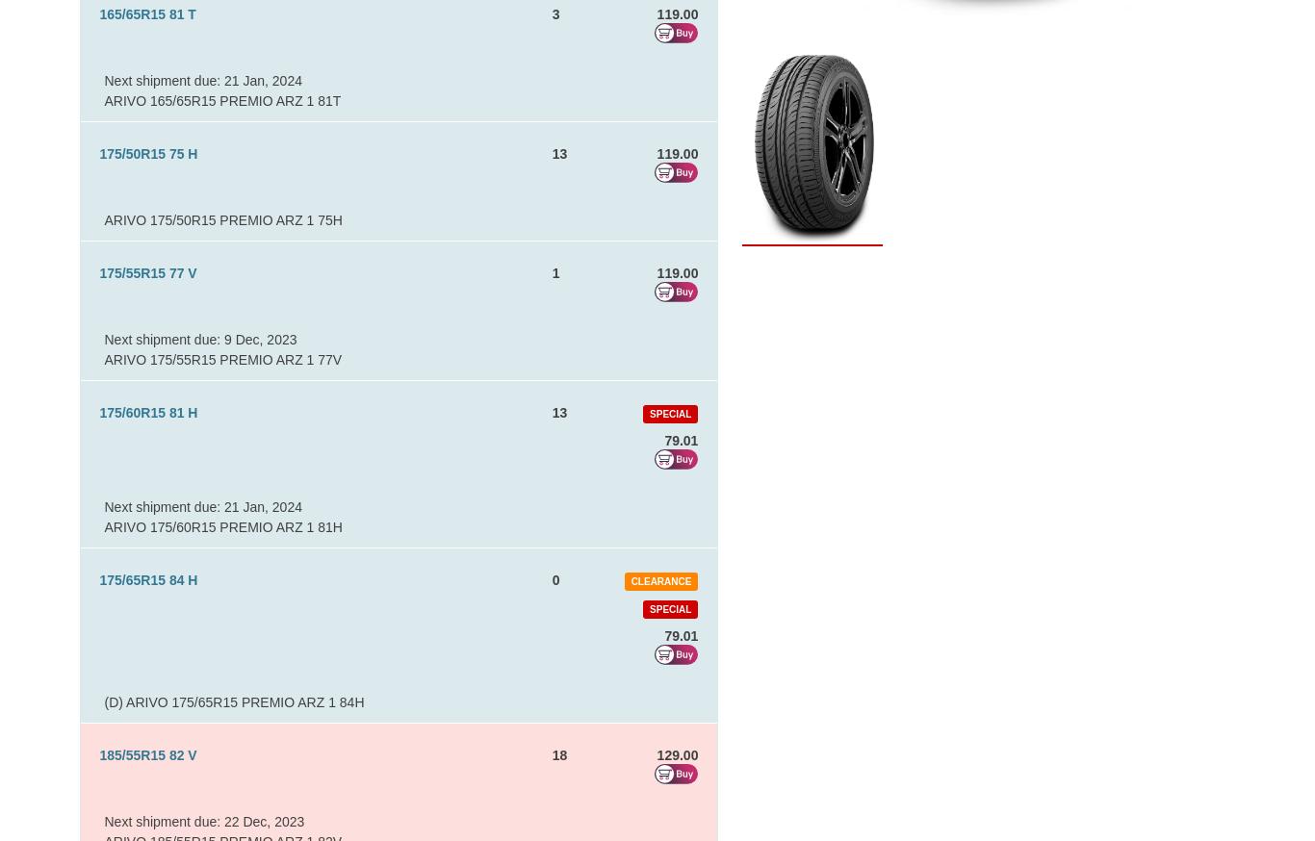  I want to click on '165/65R15 81 T', so click(145, 13).